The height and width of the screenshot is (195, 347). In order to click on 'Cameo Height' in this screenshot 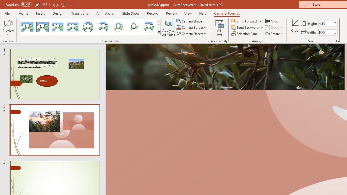, I will do `click(325, 23)`.